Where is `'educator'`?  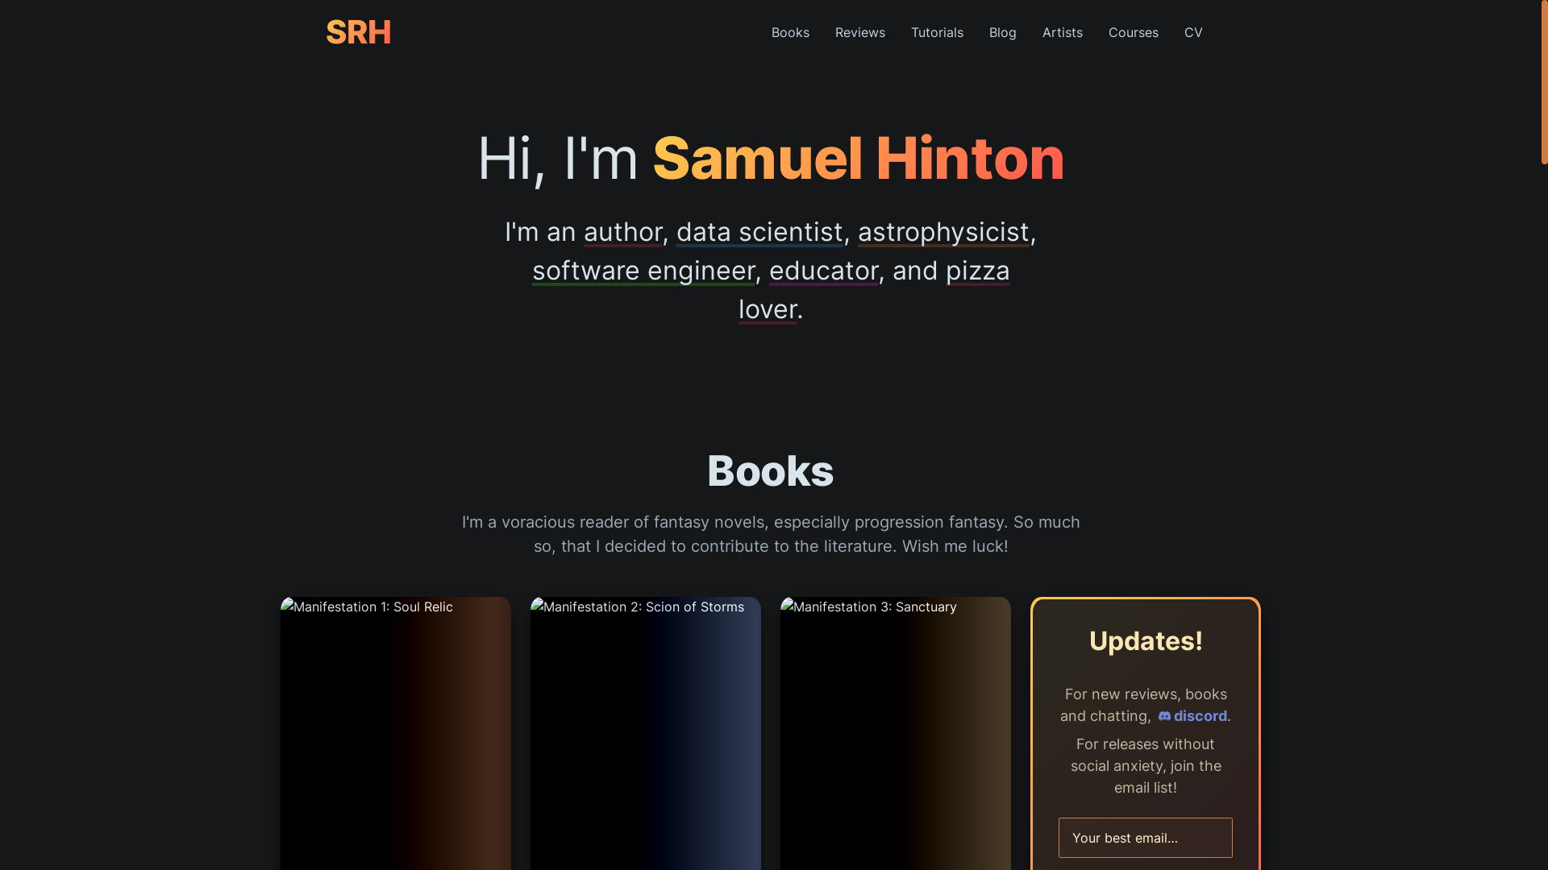 'educator' is located at coordinates (823, 269).